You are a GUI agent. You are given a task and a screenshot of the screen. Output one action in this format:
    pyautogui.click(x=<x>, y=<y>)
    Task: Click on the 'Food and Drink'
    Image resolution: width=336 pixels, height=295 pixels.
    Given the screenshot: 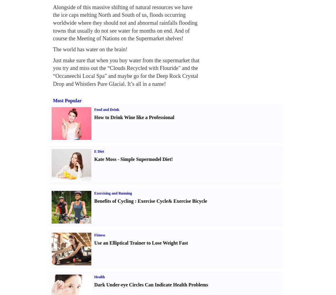 What is the action you would take?
    pyautogui.click(x=107, y=109)
    